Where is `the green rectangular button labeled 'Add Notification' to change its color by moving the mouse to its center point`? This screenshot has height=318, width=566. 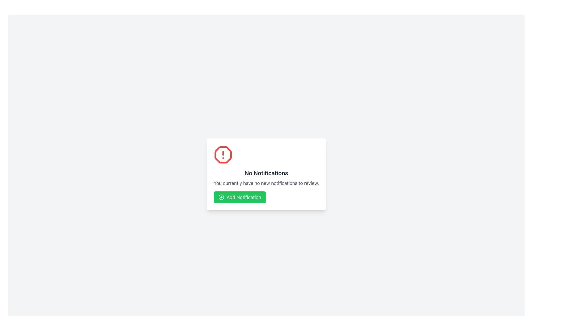 the green rectangular button labeled 'Add Notification' to change its color by moving the mouse to its center point is located at coordinates (240, 197).